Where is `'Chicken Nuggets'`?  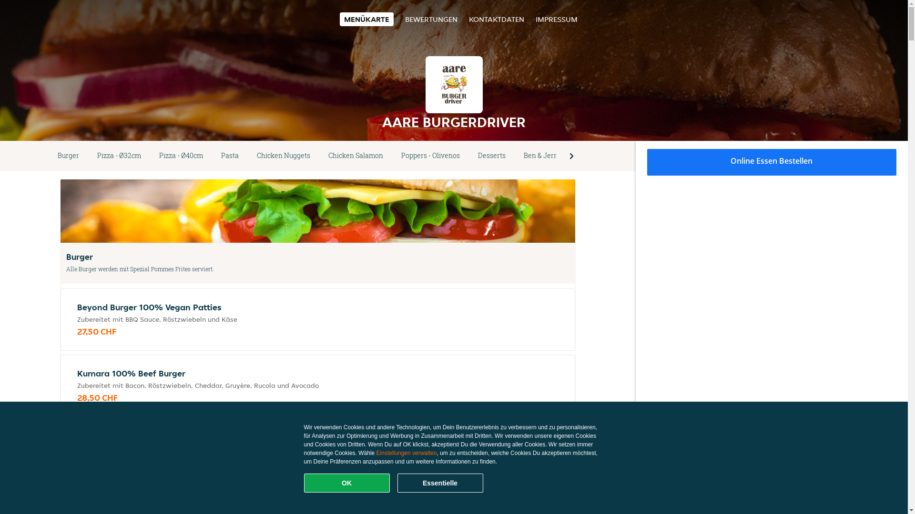
'Chicken Nuggets' is located at coordinates (247, 155).